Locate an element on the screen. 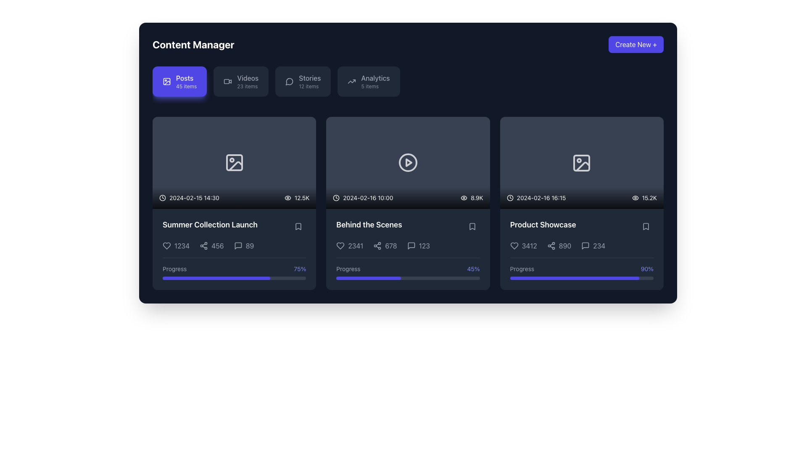 The image size is (807, 454). the timestamp icon located to the left of the text '2024-02-16 10:00' within the 'Behind the Scenes' panel in the middle of the interface is located at coordinates (336, 198).